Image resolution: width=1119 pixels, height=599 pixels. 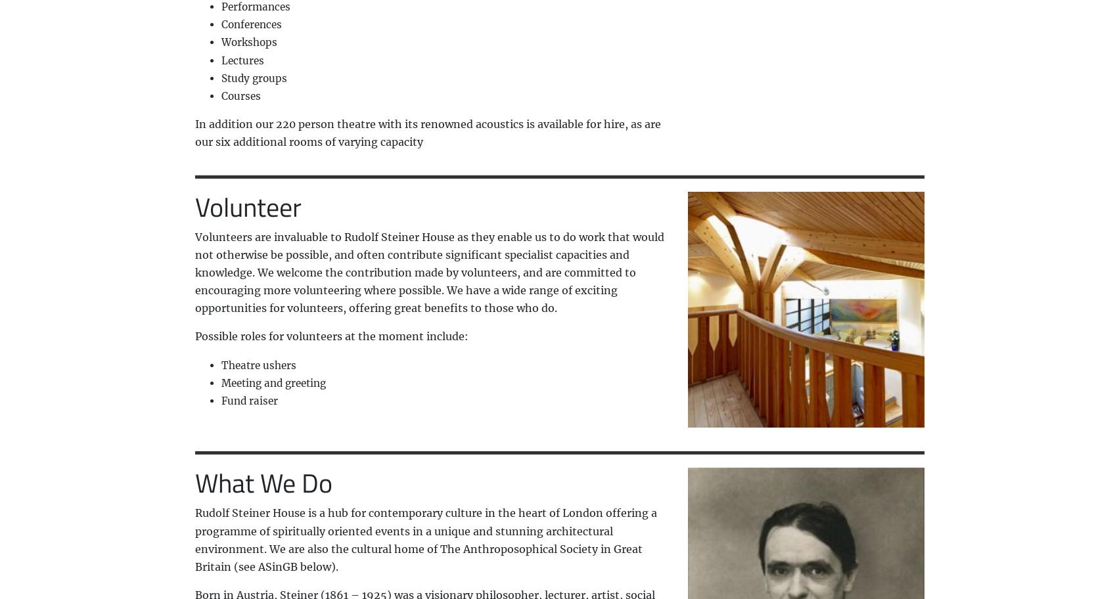 What do you see at coordinates (331, 335) in the screenshot?
I see `'Possible roles for volunteers at the moment include:'` at bounding box center [331, 335].